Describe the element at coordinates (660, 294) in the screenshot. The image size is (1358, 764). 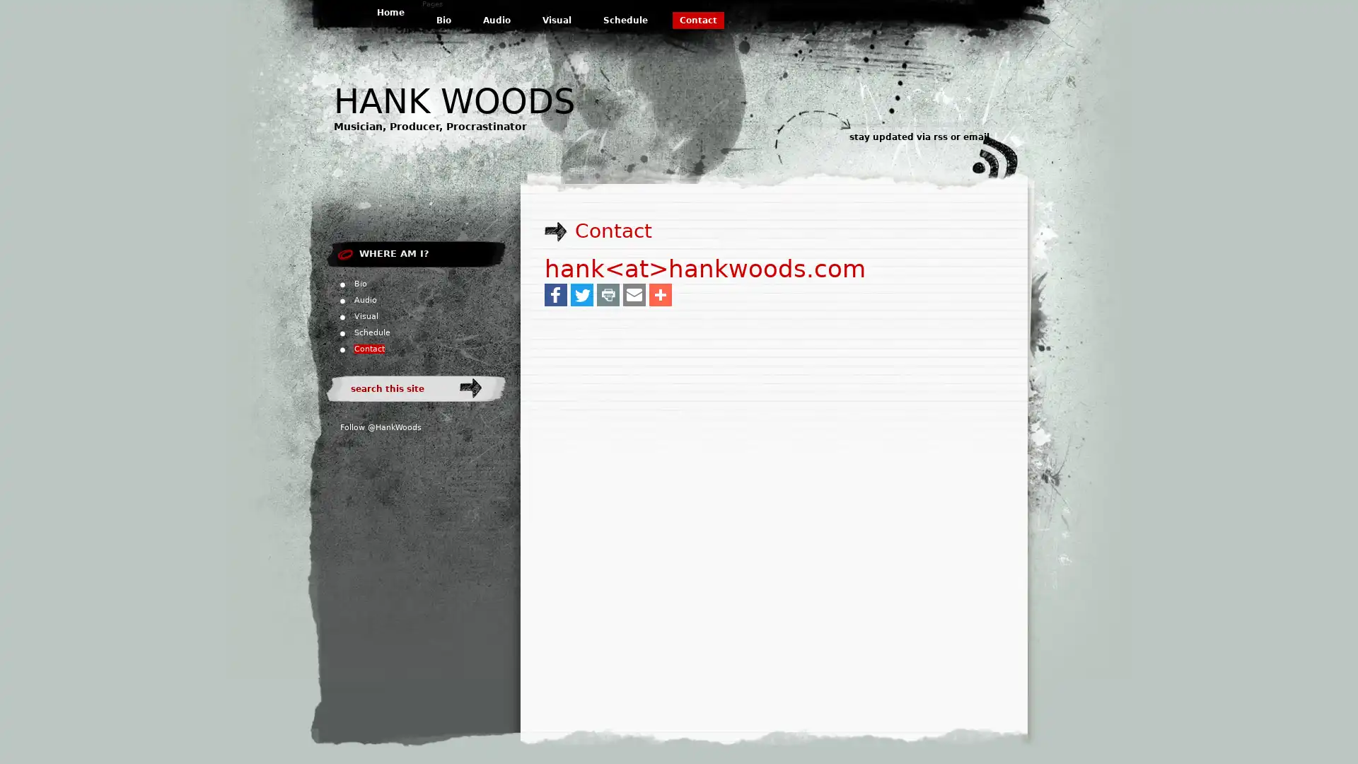
I see `Share to More` at that location.